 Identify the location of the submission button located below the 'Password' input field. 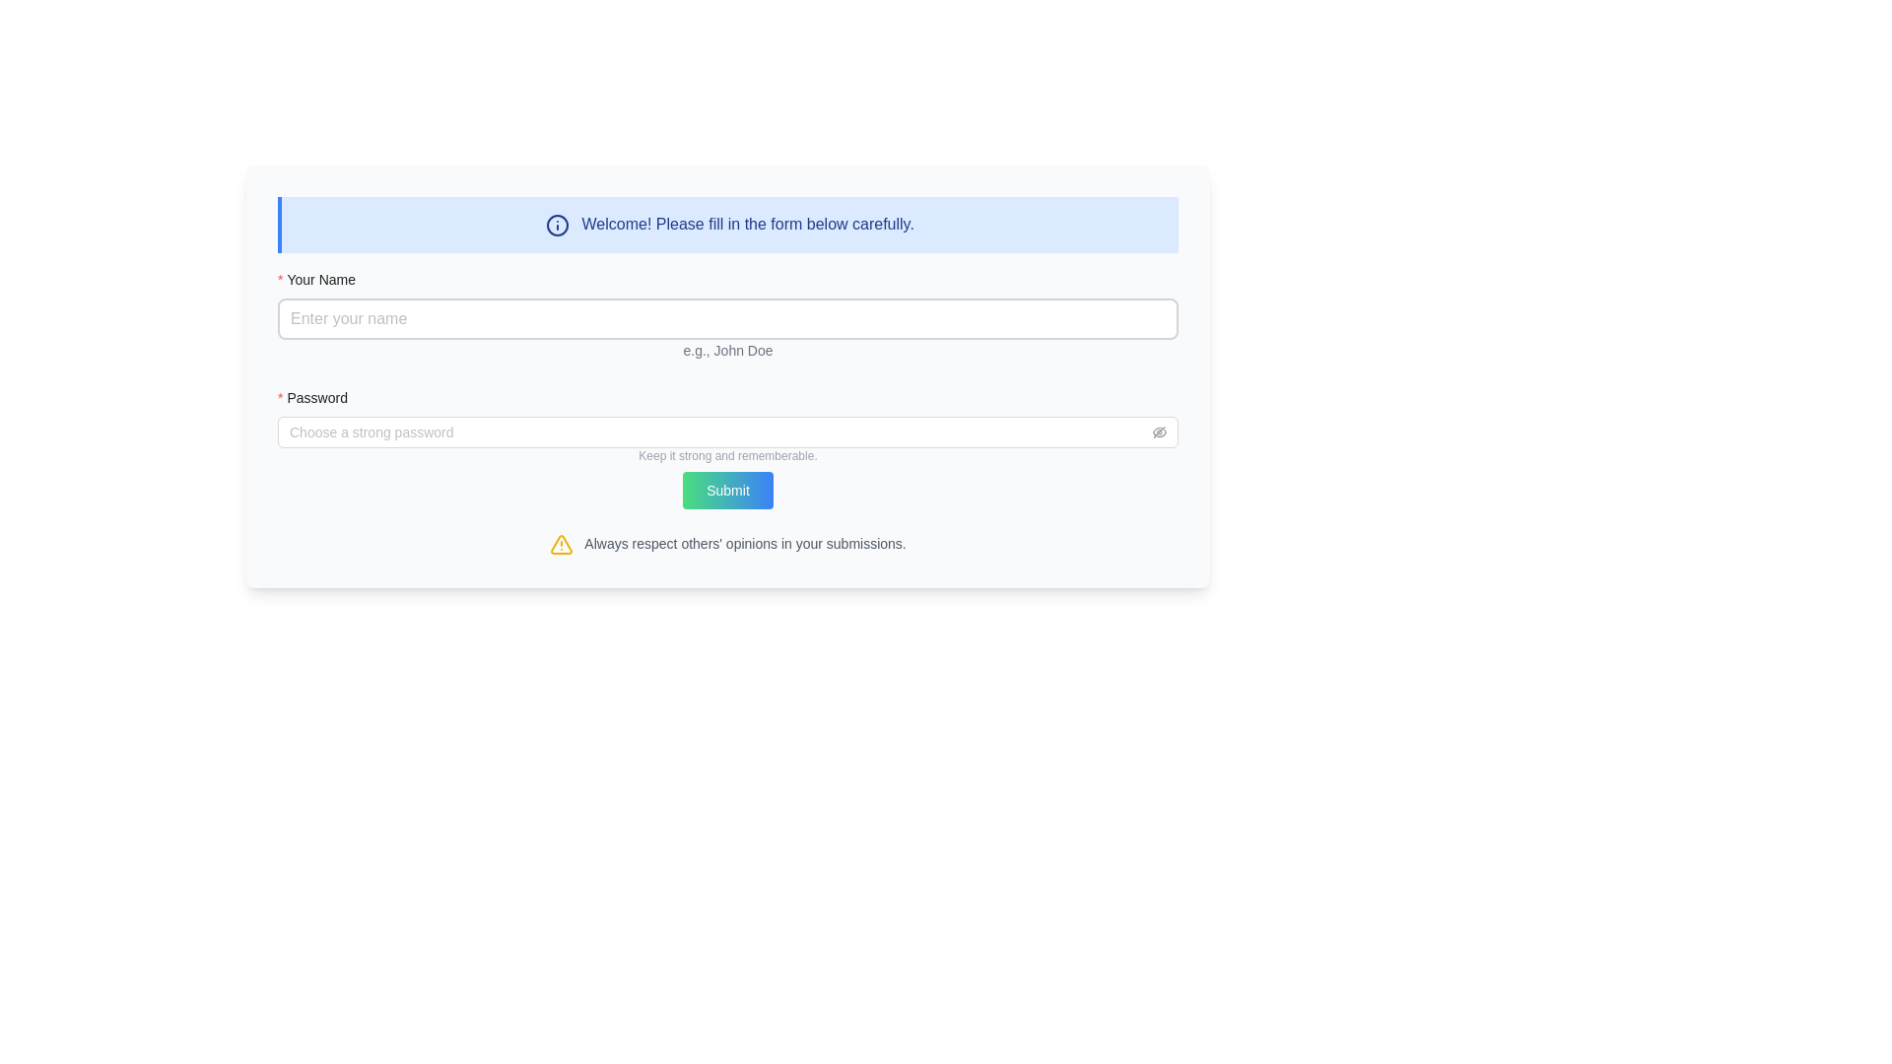
(727, 489).